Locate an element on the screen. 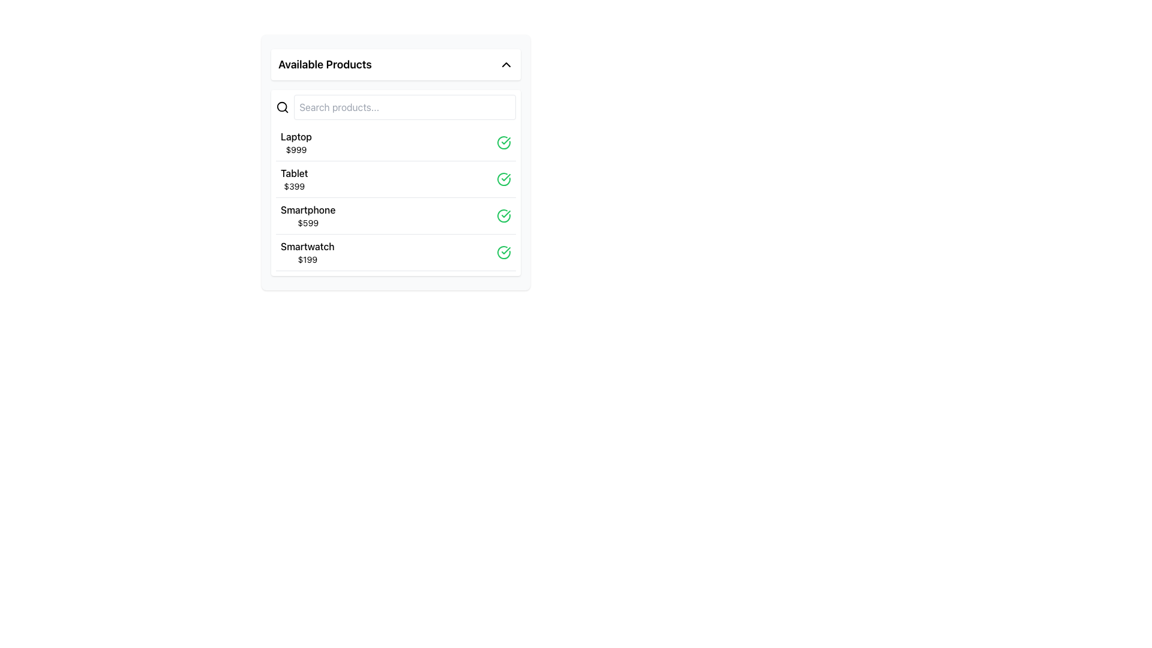 The height and width of the screenshot is (648, 1152). the Text Display element showing 'Tablet $399', located in the second row of the 'Available Products' section, directly below 'Laptop $999' is located at coordinates (294, 179).